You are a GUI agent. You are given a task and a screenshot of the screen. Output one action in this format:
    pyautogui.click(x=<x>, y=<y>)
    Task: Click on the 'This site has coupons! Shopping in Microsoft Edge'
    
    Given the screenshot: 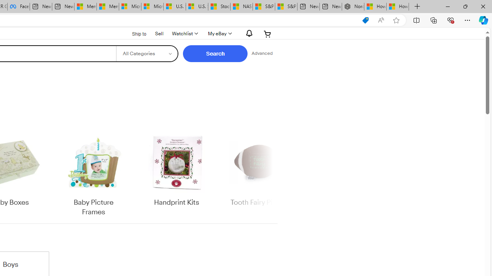 What is the action you would take?
    pyautogui.click(x=365, y=20)
    